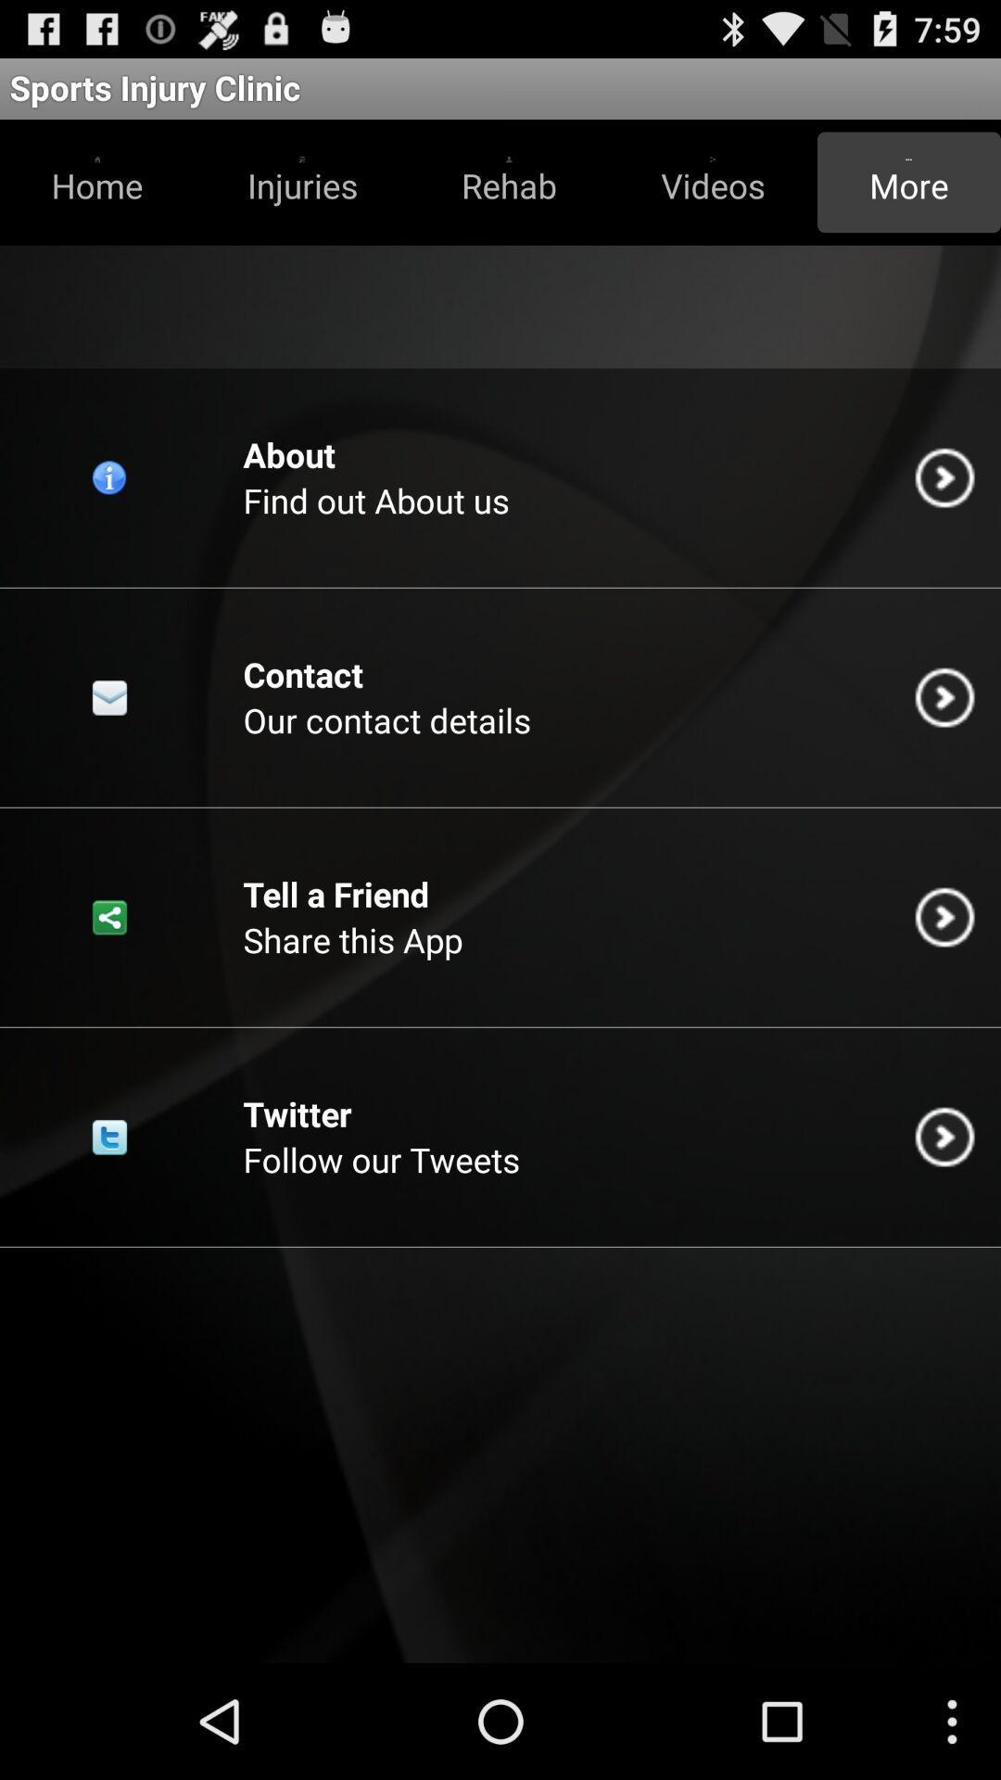 Image resolution: width=1001 pixels, height=1780 pixels. I want to click on the icon next to the rehab icon, so click(301, 182).